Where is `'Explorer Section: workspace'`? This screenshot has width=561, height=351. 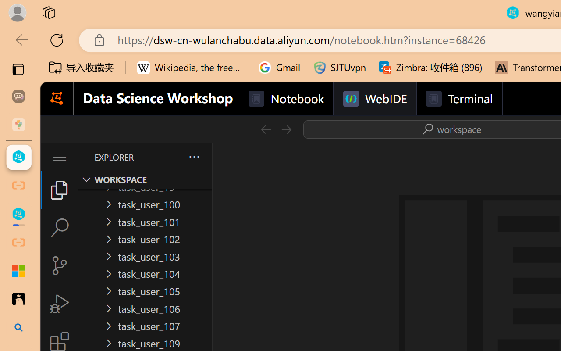 'Explorer Section: workspace' is located at coordinates (145, 179).